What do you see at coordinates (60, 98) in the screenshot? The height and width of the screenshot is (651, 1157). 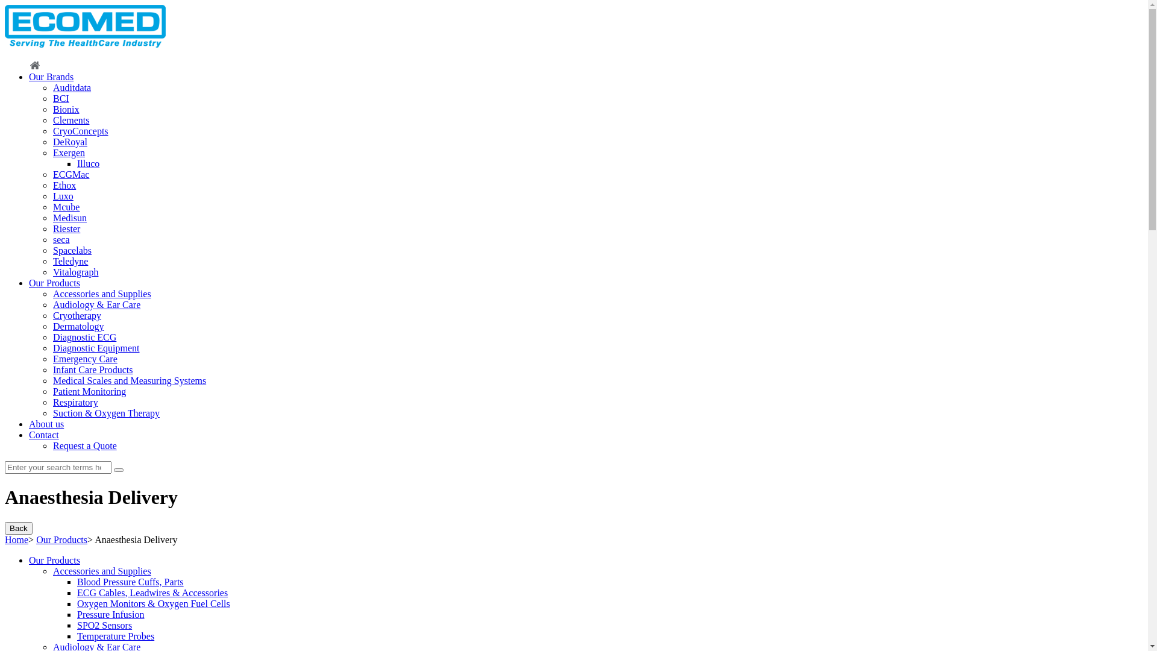 I see `'BCI'` at bounding box center [60, 98].